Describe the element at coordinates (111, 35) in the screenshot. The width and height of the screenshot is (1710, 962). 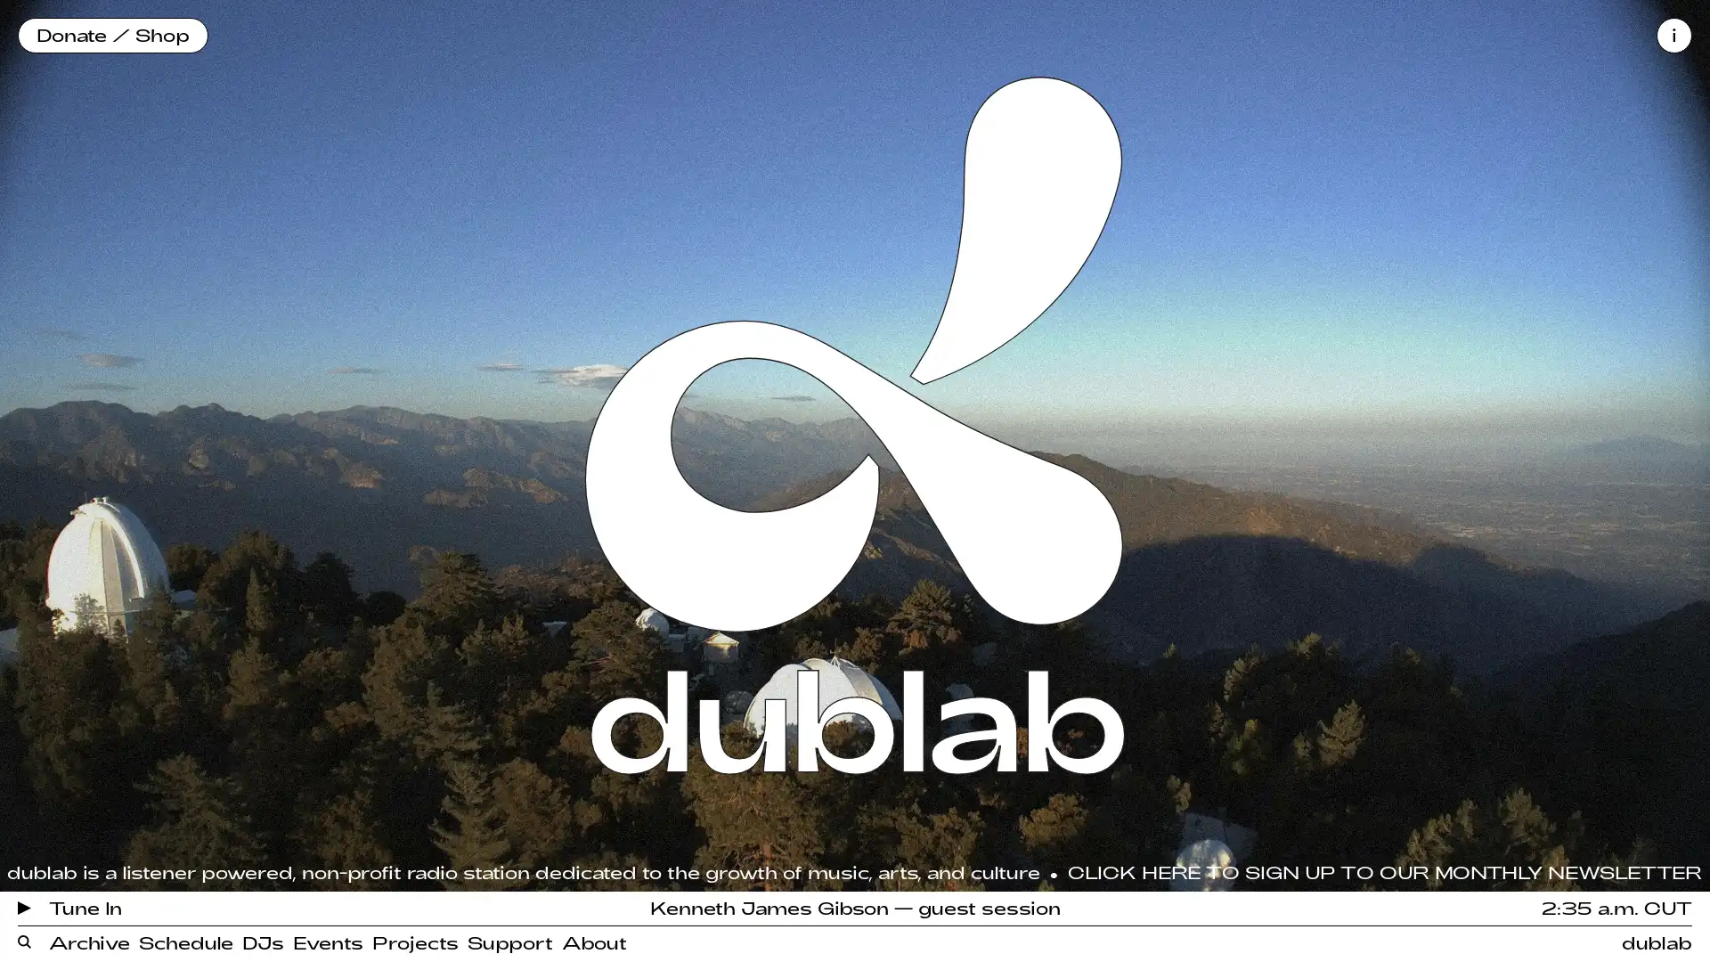
I see `Donate / Shop` at that location.